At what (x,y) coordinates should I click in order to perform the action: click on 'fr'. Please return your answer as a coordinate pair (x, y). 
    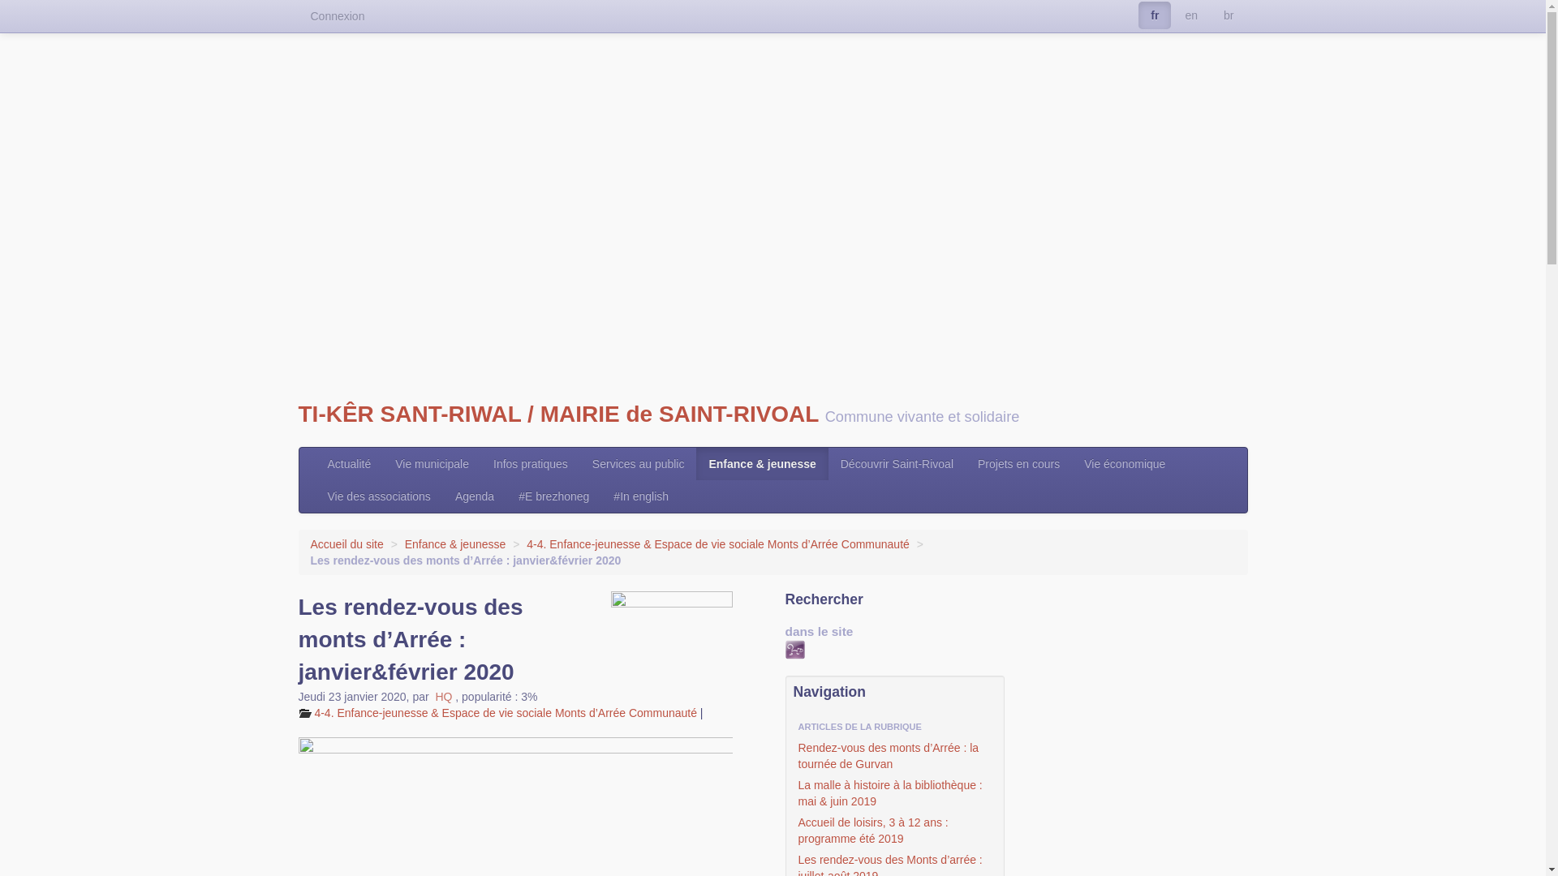
    Looking at the image, I should click on (1153, 15).